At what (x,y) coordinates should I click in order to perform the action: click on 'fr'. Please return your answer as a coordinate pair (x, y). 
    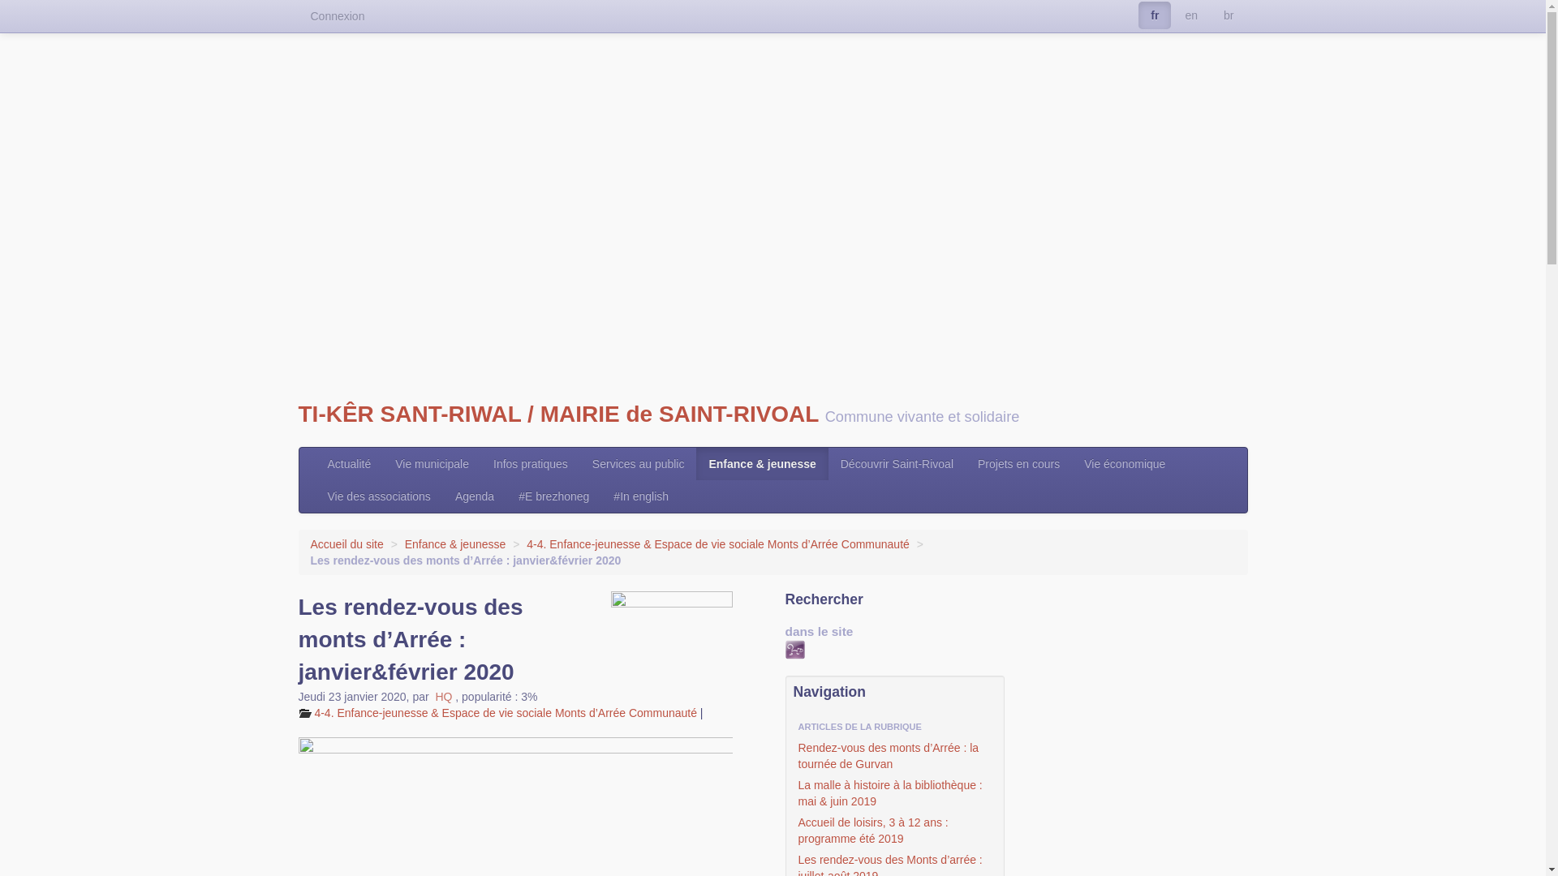
    Looking at the image, I should click on (1153, 15).